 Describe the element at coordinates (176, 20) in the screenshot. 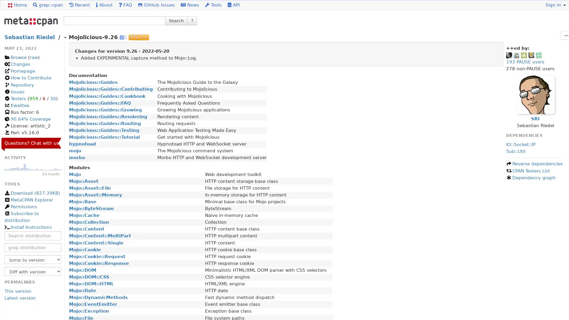

I see `Search` at that location.